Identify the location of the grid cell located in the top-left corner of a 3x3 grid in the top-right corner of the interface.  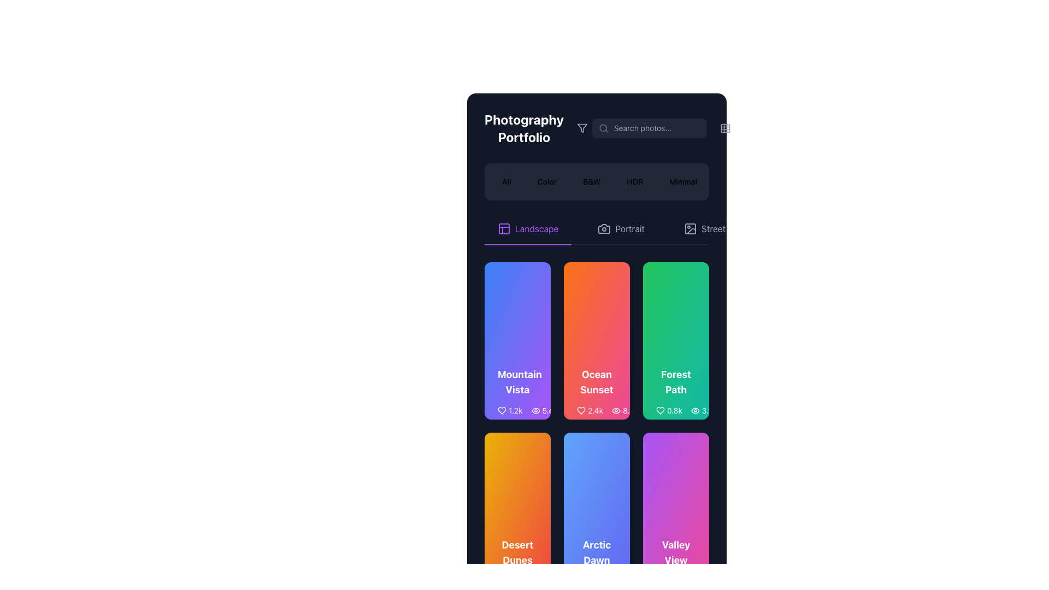
(725, 128).